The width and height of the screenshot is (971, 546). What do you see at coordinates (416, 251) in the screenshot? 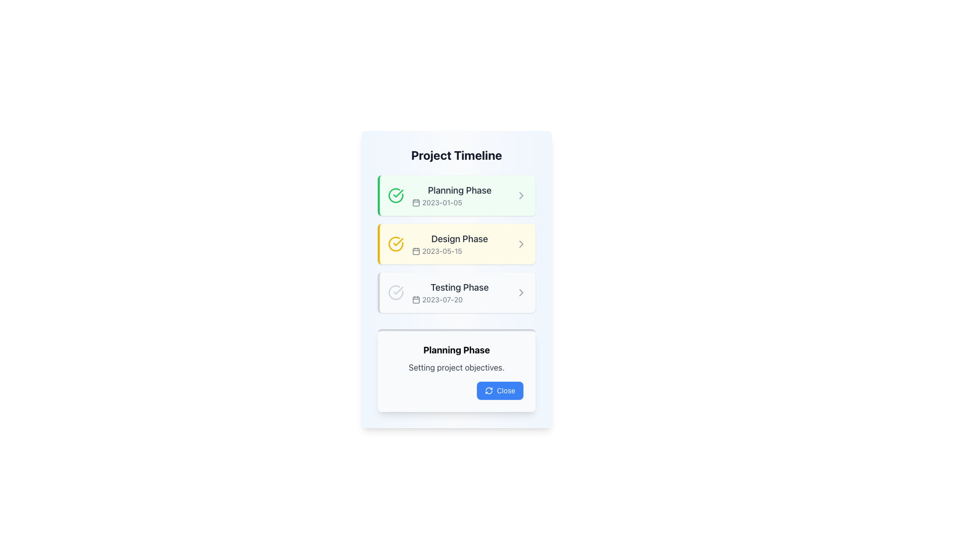
I see `the calendar icon located` at bounding box center [416, 251].